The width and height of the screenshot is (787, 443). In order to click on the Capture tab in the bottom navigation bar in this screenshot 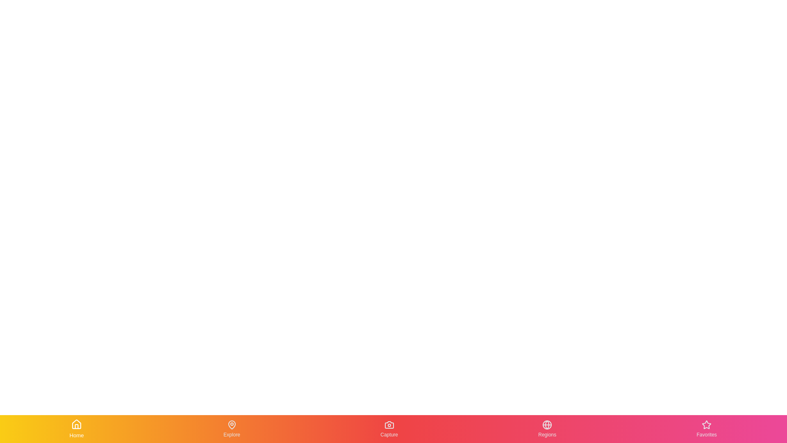, I will do `click(389, 428)`.